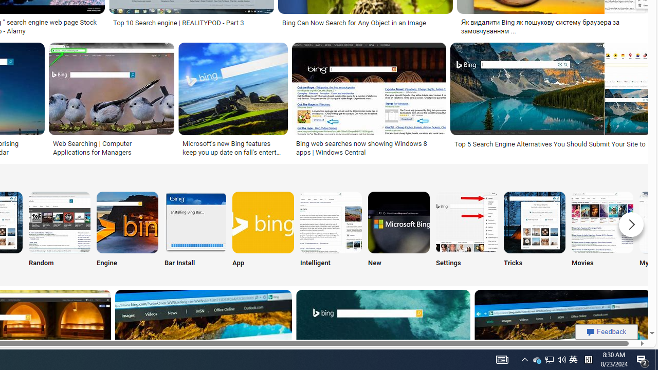  What do you see at coordinates (59, 231) in the screenshot?
I see `'Bing Random Search Random'` at bounding box center [59, 231].